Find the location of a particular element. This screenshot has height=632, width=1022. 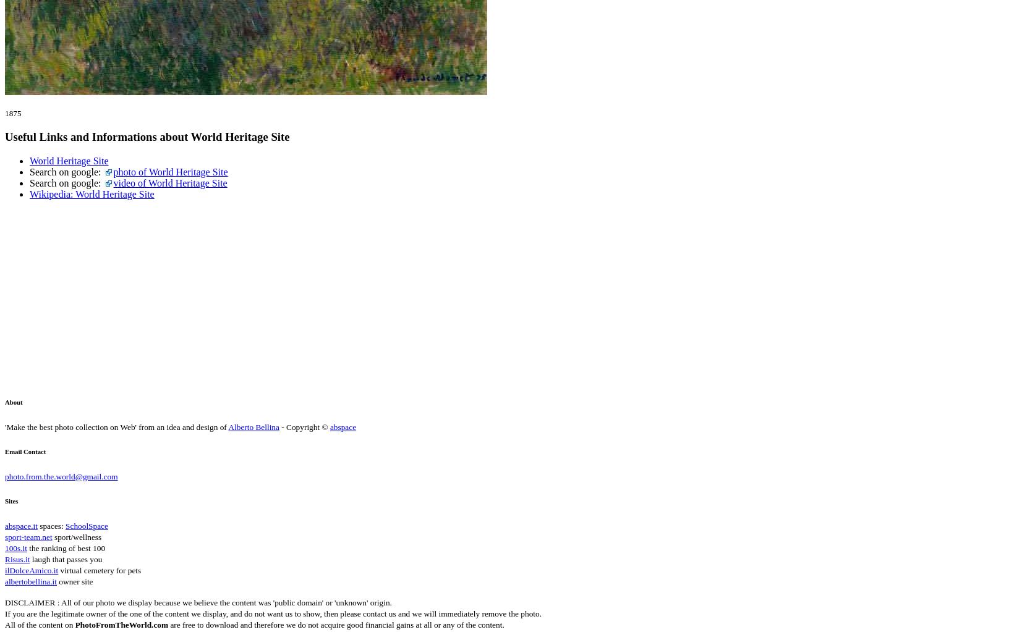

'owner site' is located at coordinates (74, 580).